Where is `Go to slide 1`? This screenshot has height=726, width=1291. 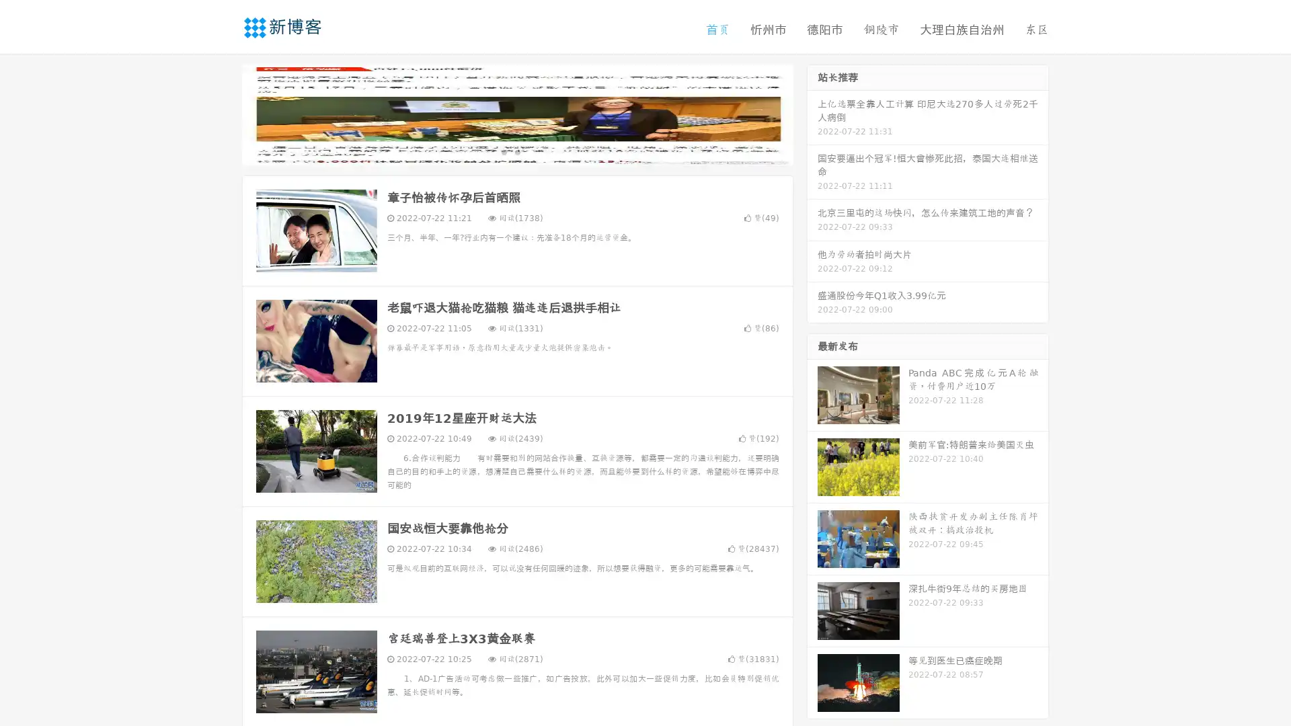 Go to slide 1 is located at coordinates (503, 151).